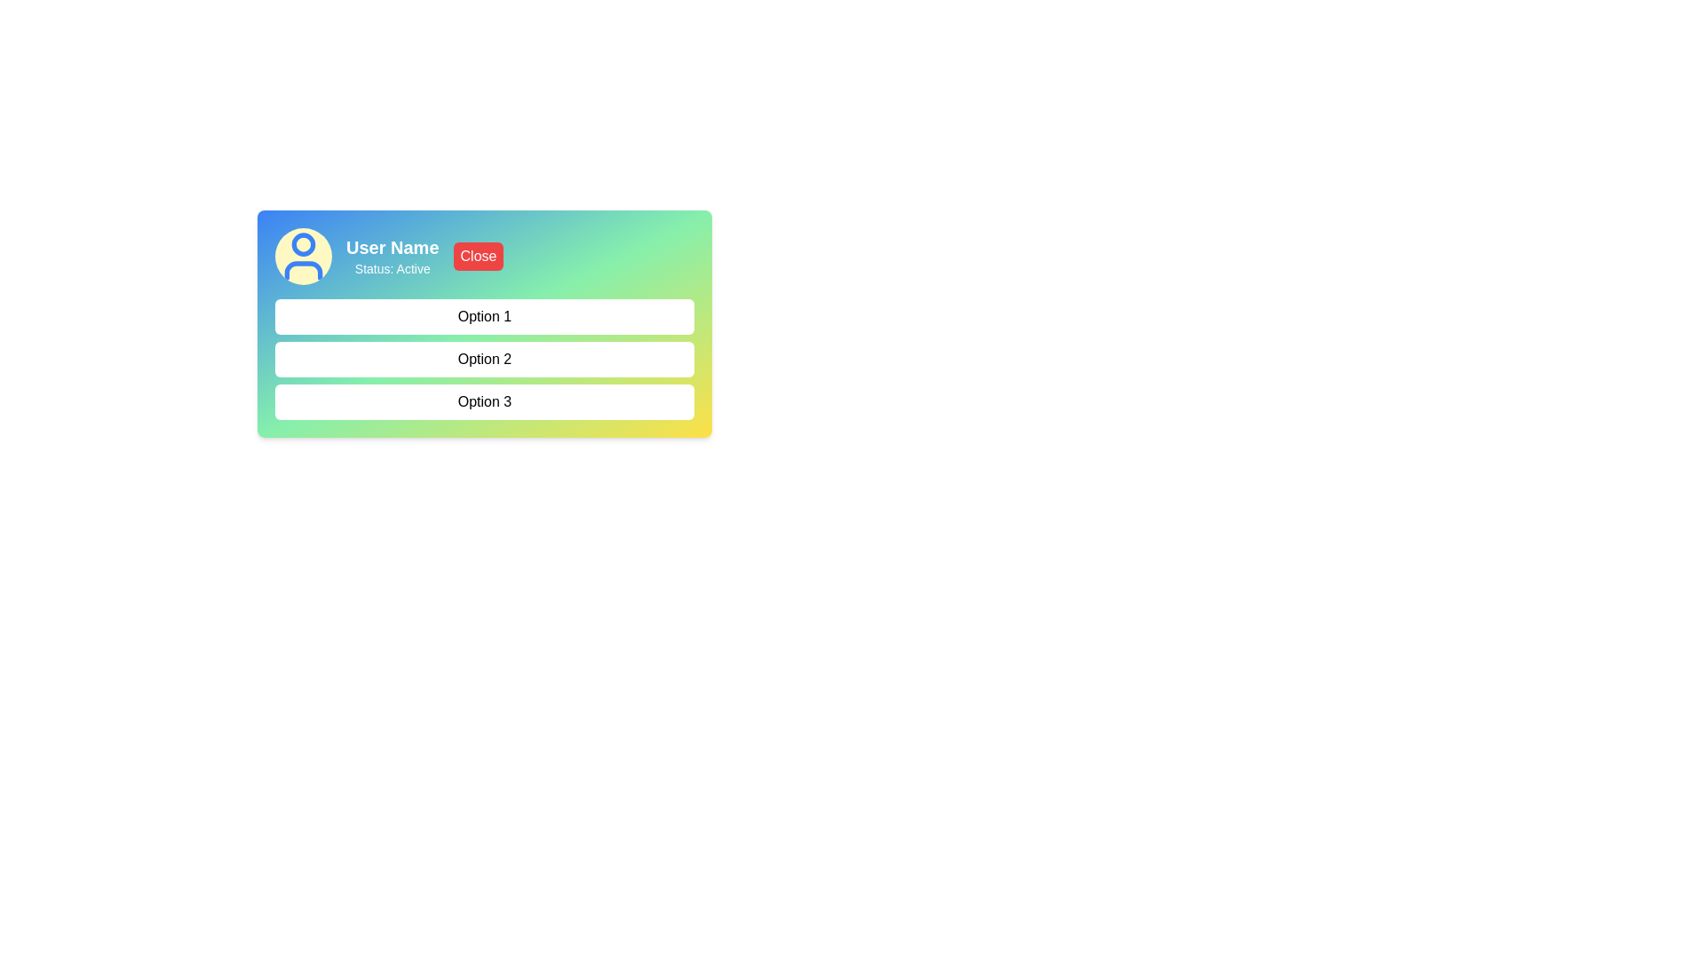 This screenshot has height=959, width=1705. I want to click on the rectangular button labeled 'Option 1' with a white background and black text, which is the first option in a vertical list on a gradient-colored card, positioned below the user information section, so click(485, 324).